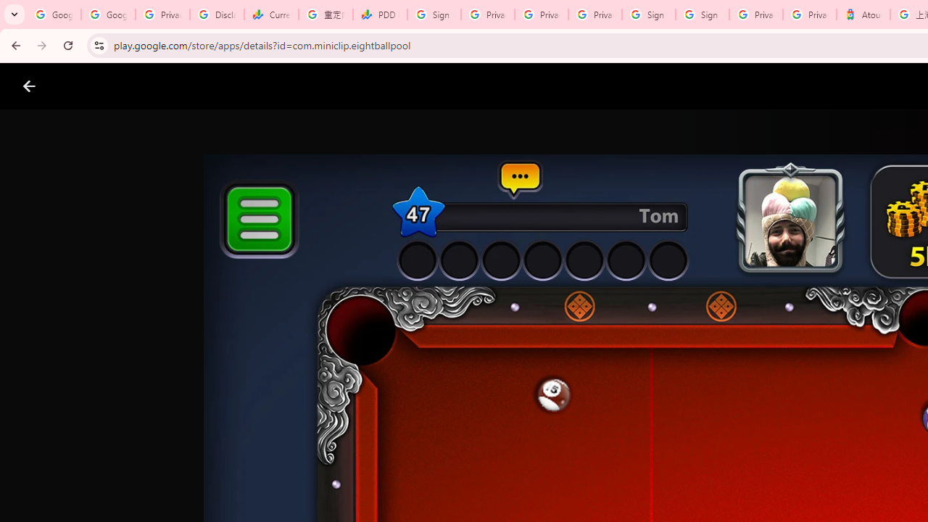 This screenshot has width=928, height=522. What do you see at coordinates (271, 14) in the screenshot?
I see `'Currencies - Google Finance'` at bounding box center [271, 14].